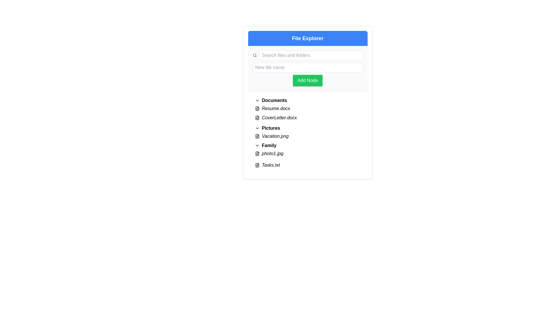 Image resolution: width=554 pixels, height=312 pixels. What do you see at coordinates (257, 108) in the screenshot?
I see `the file icon that resembles a file with a rectangular outline, positioned to the left of the file name 'Resume.docx'` at bounding box center [257, 108].